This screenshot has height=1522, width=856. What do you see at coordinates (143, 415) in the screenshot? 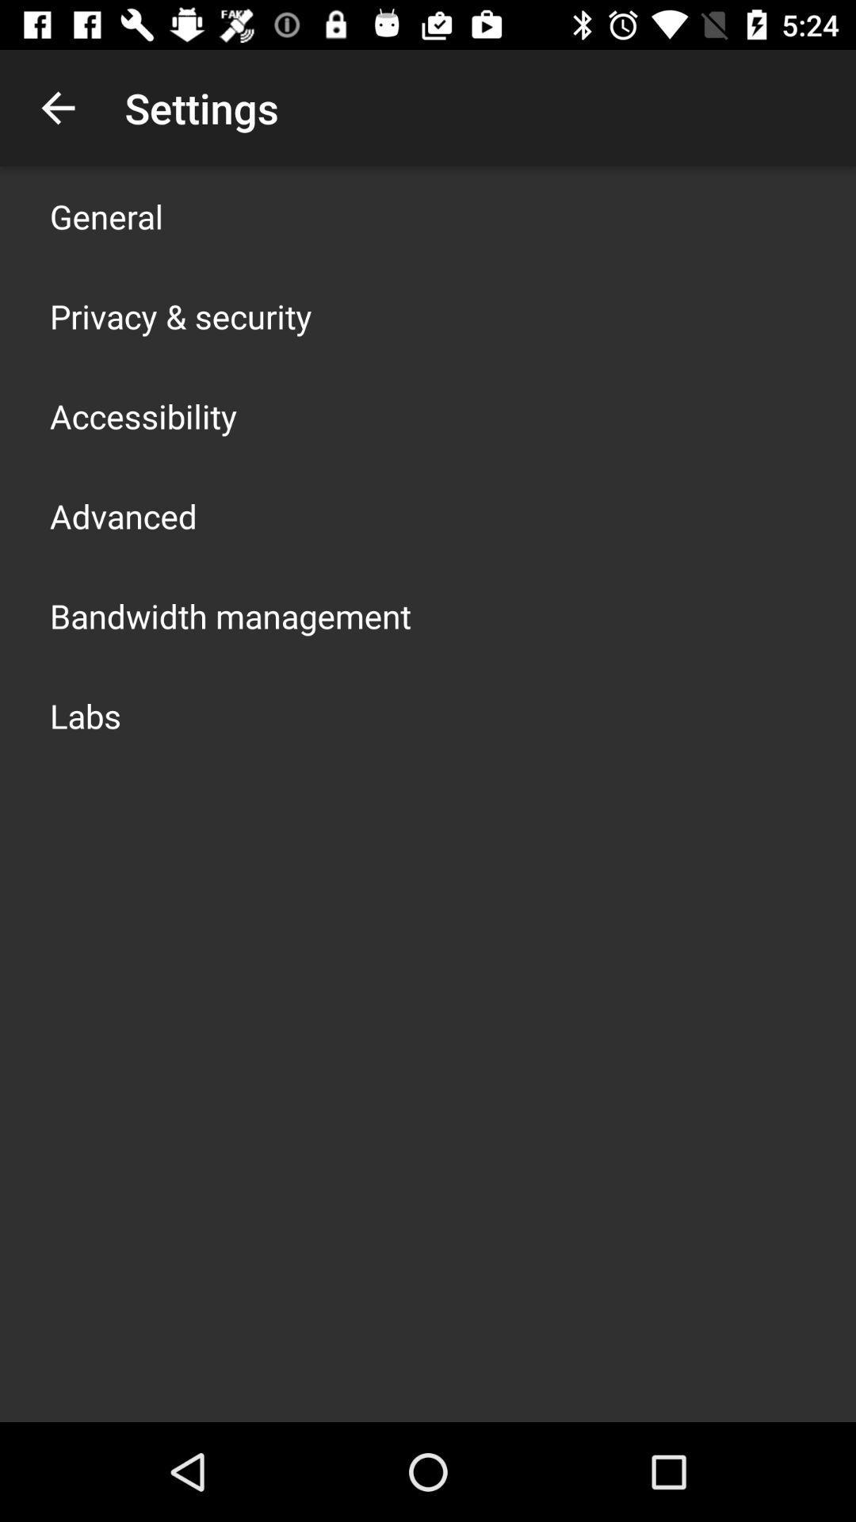
I see `the accessibility item` at bounding box center [143, 415].